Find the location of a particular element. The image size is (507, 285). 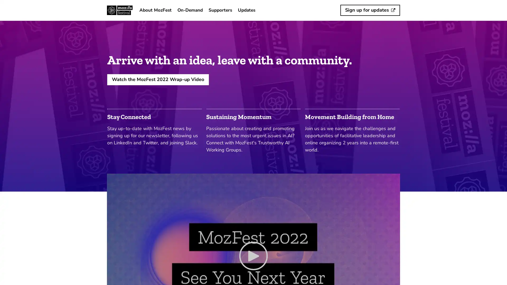

Watch the MozFest 2022 Wrap-up Video is located at coordinates (158, 79).